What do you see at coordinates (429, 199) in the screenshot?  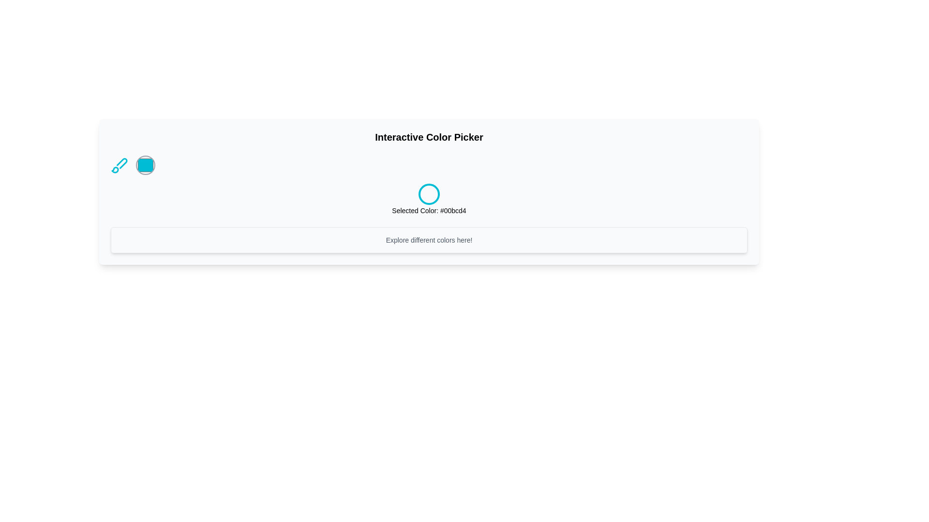 I see `text caption 'Selected Color: #00bcd4' from the informational display element that consists of a colored circle with a light blue border and a dot in its center, located centrally below the toolbar area` at bounding box center [429, 199].